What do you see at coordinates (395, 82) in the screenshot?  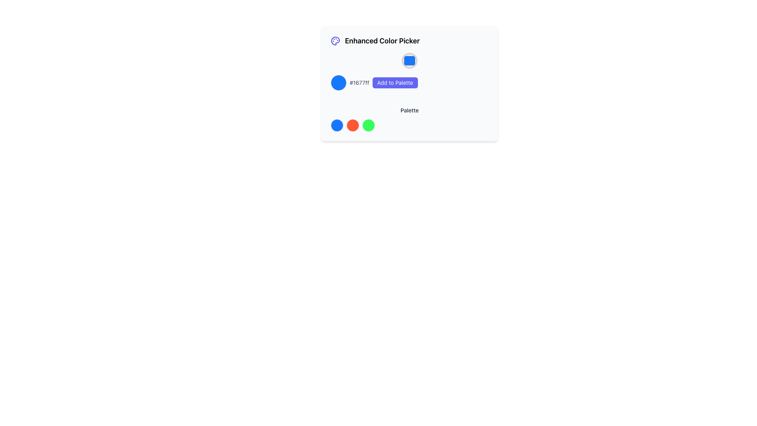 I see `the button with the purple background and white text that says 'Add to Palette', which is located to the right of the hexadecimal color code '#1677ff'` at bounding box center [395, 82].